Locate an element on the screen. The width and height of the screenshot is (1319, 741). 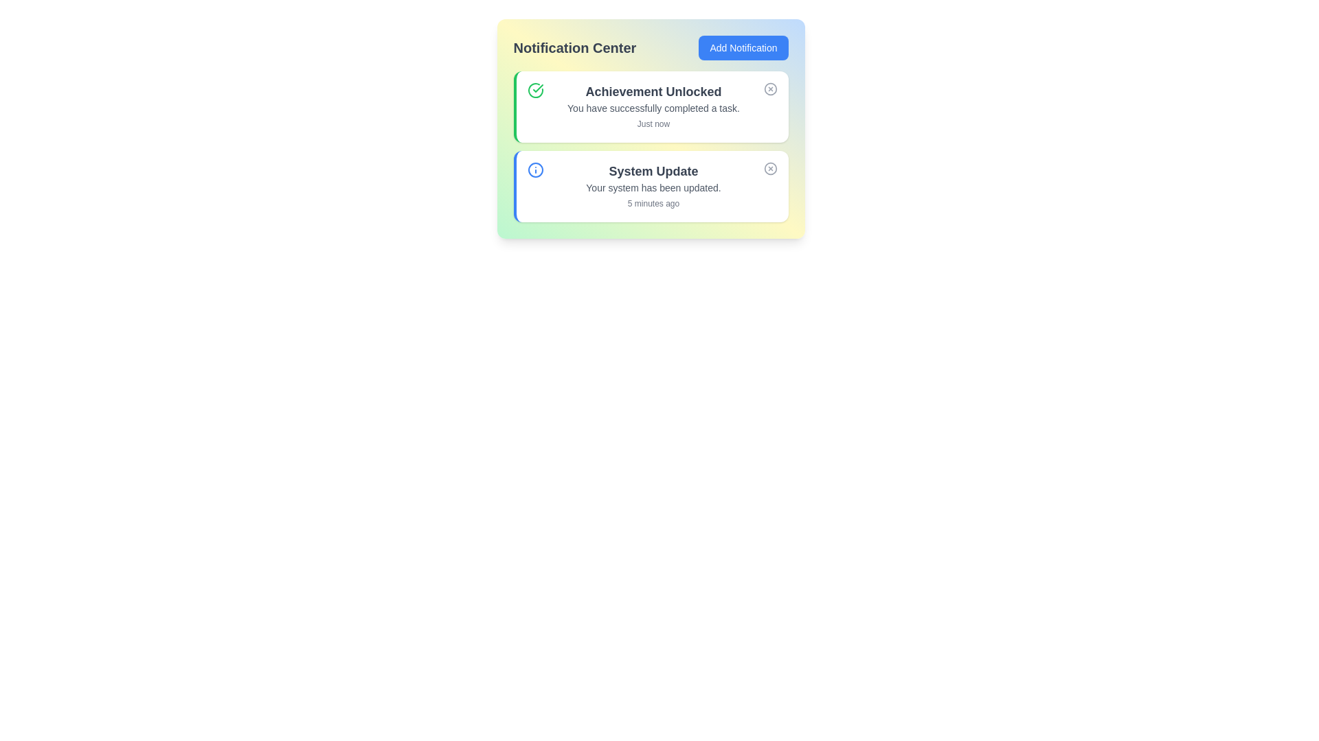
the displayed text 'Just now' located at the bottom-right of the notification card titled 'Achievement Unlocked' is located at coordinates (653, 124).